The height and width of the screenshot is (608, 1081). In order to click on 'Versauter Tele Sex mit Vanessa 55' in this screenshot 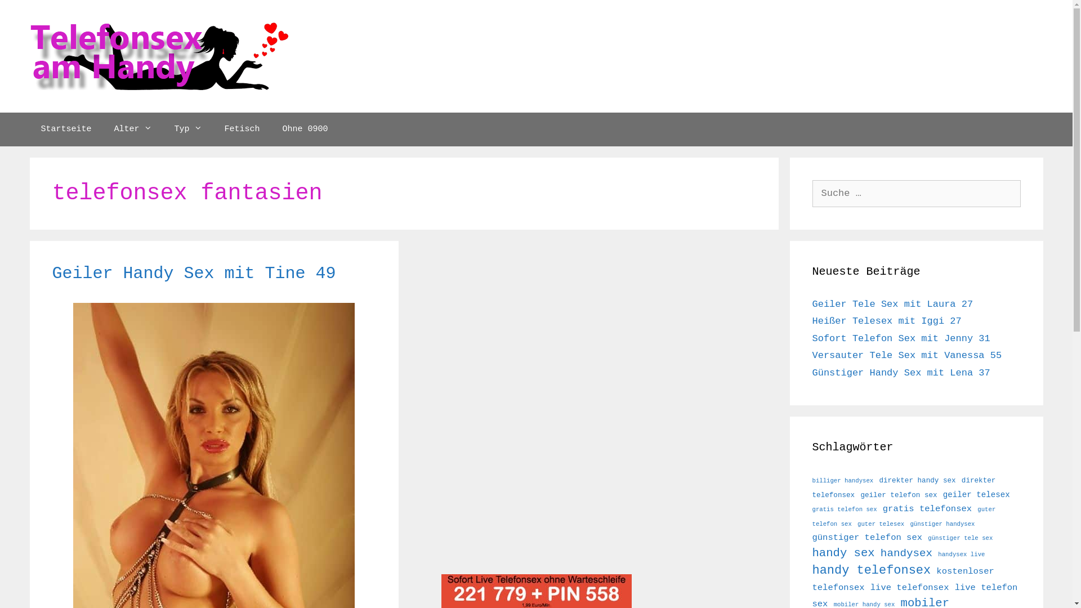, I will do `click(906, 355)`.